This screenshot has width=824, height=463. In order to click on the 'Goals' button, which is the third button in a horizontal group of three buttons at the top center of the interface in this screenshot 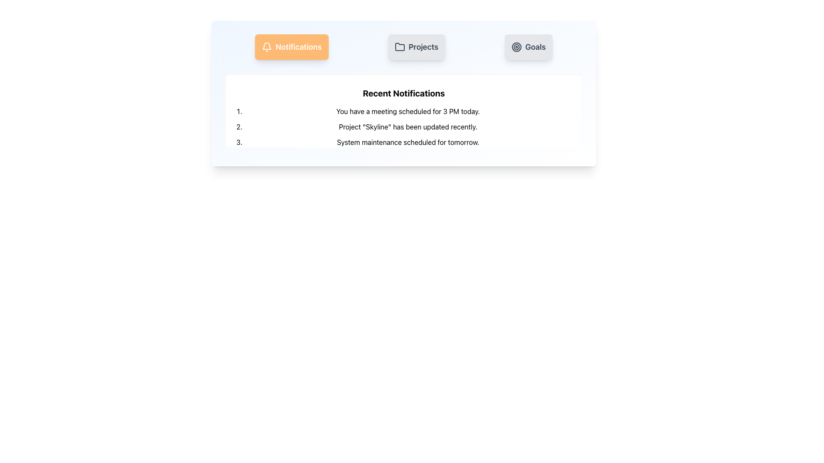, I will do `click(528, 47)`.